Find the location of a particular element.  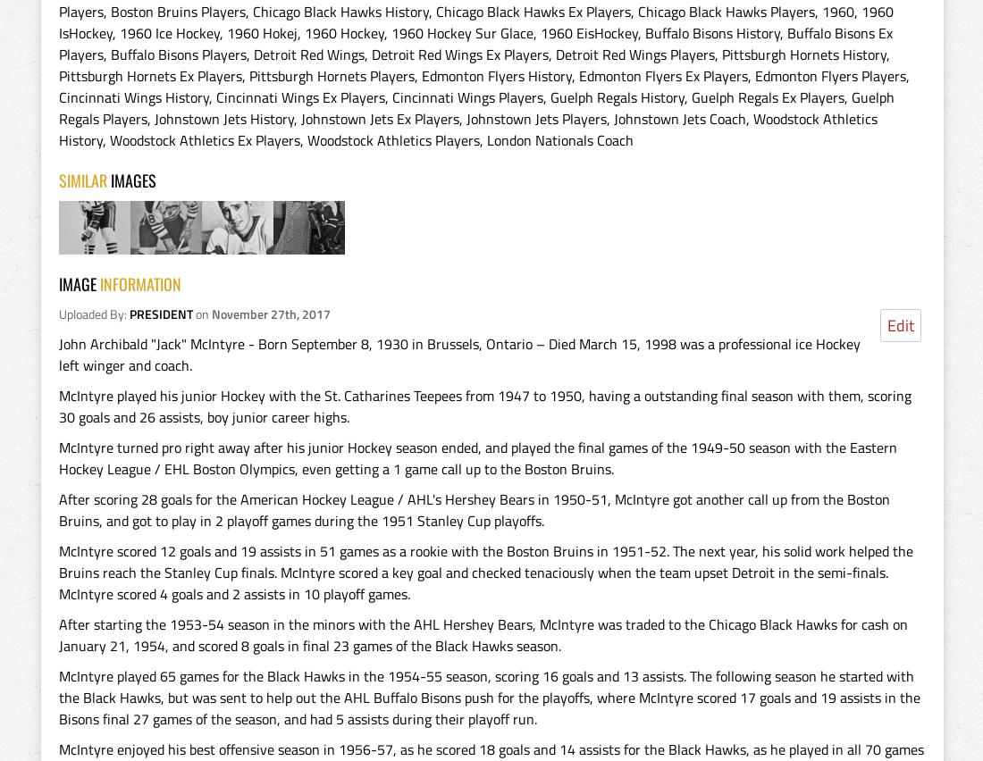

'IMAGE' is located at coordinates (79, 282).